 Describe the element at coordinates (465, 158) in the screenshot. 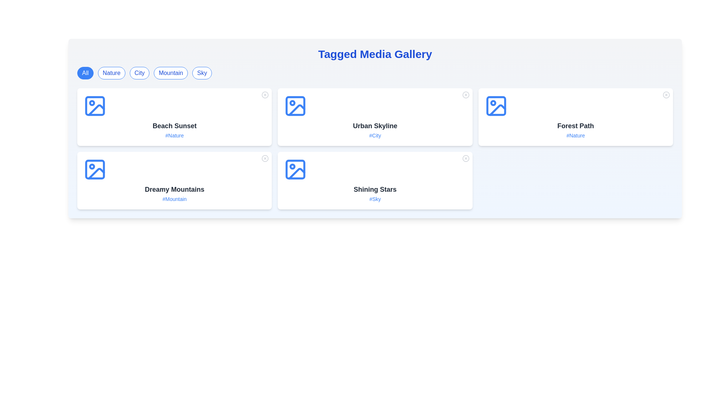

I see `the close button of a media item identified by Shining Stars` at that location.